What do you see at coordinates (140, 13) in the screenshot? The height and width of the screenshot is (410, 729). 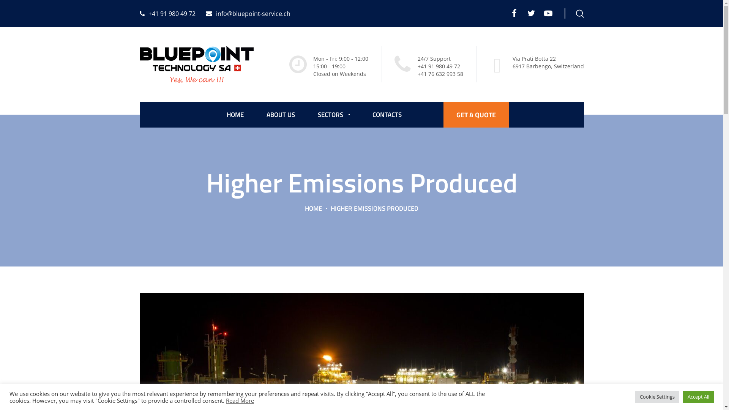 I see `'+41 91 980 49 72'` at bounding box center [140, 13].